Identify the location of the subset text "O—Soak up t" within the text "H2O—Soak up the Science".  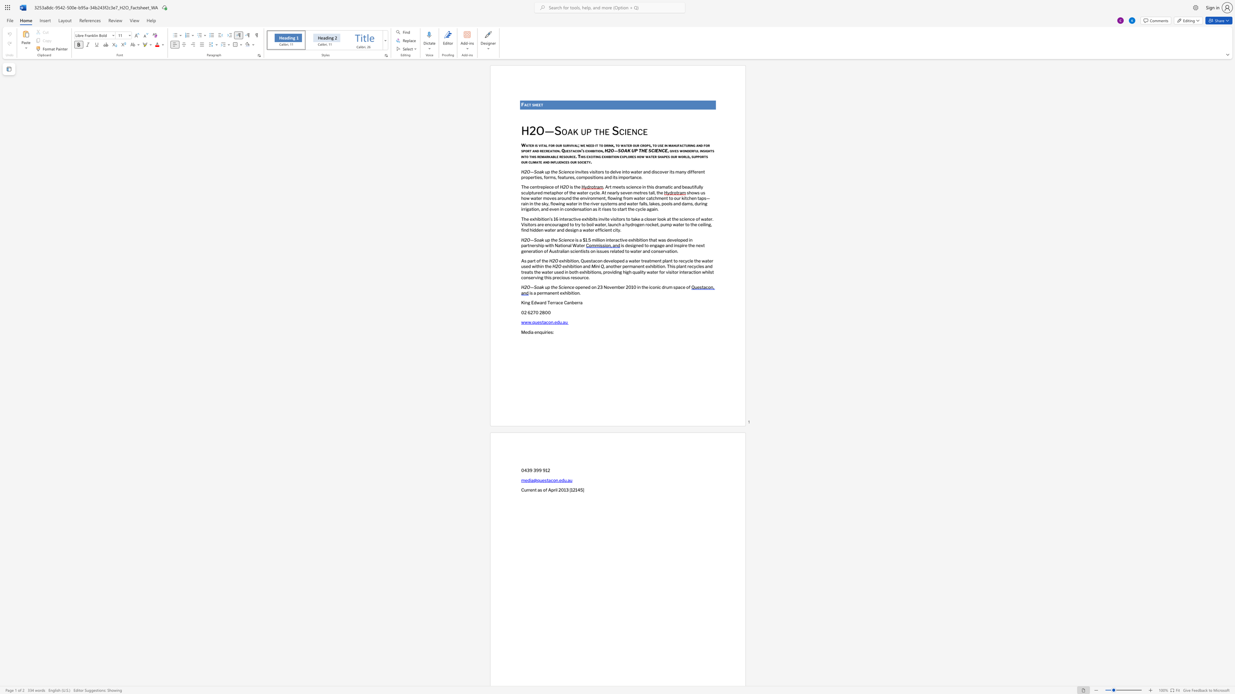
(527, 171).